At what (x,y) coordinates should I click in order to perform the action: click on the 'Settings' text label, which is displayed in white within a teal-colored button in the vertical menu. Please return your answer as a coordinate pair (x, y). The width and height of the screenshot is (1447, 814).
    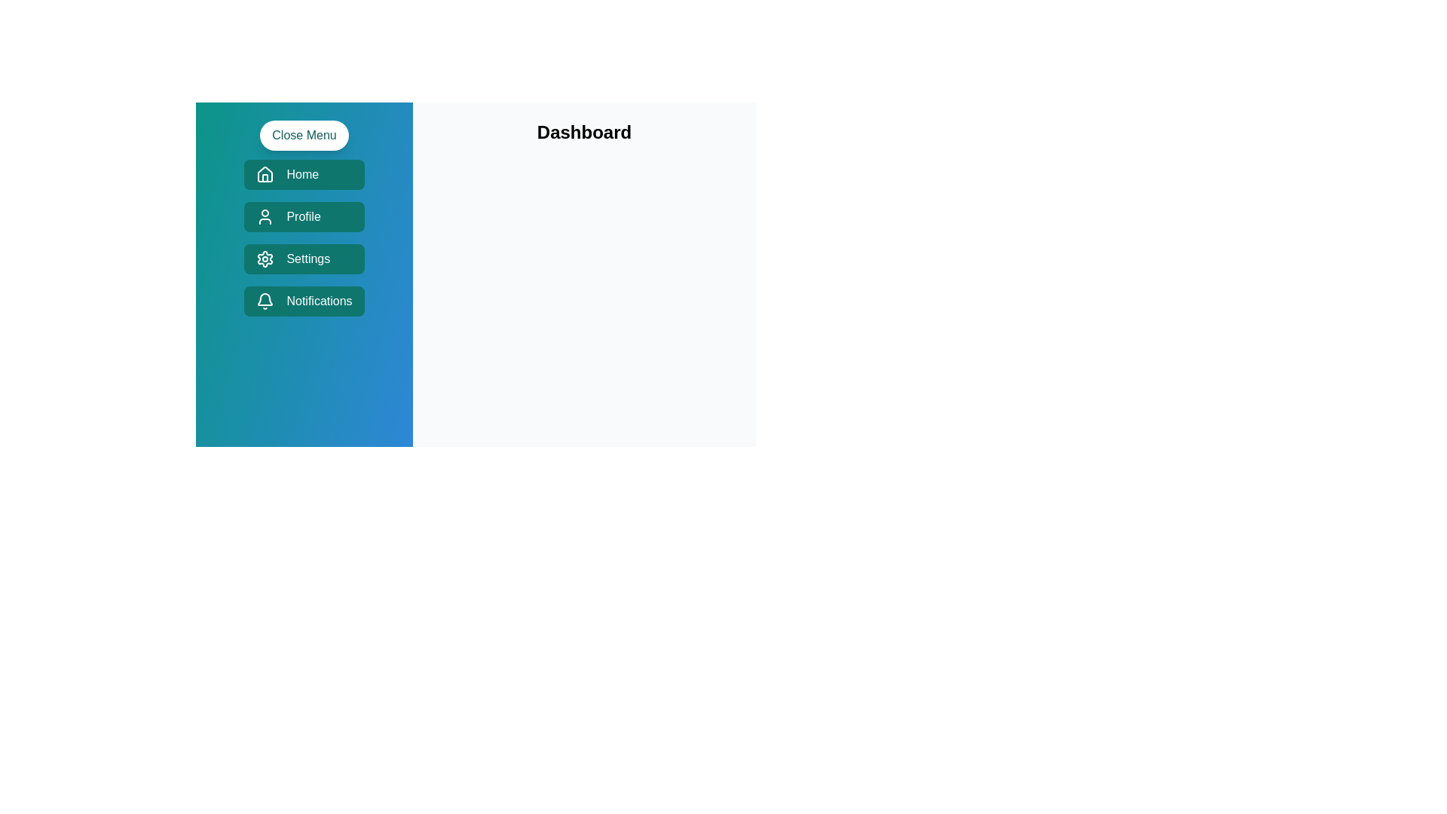
    Looking at the image, I should click on (307, 258).